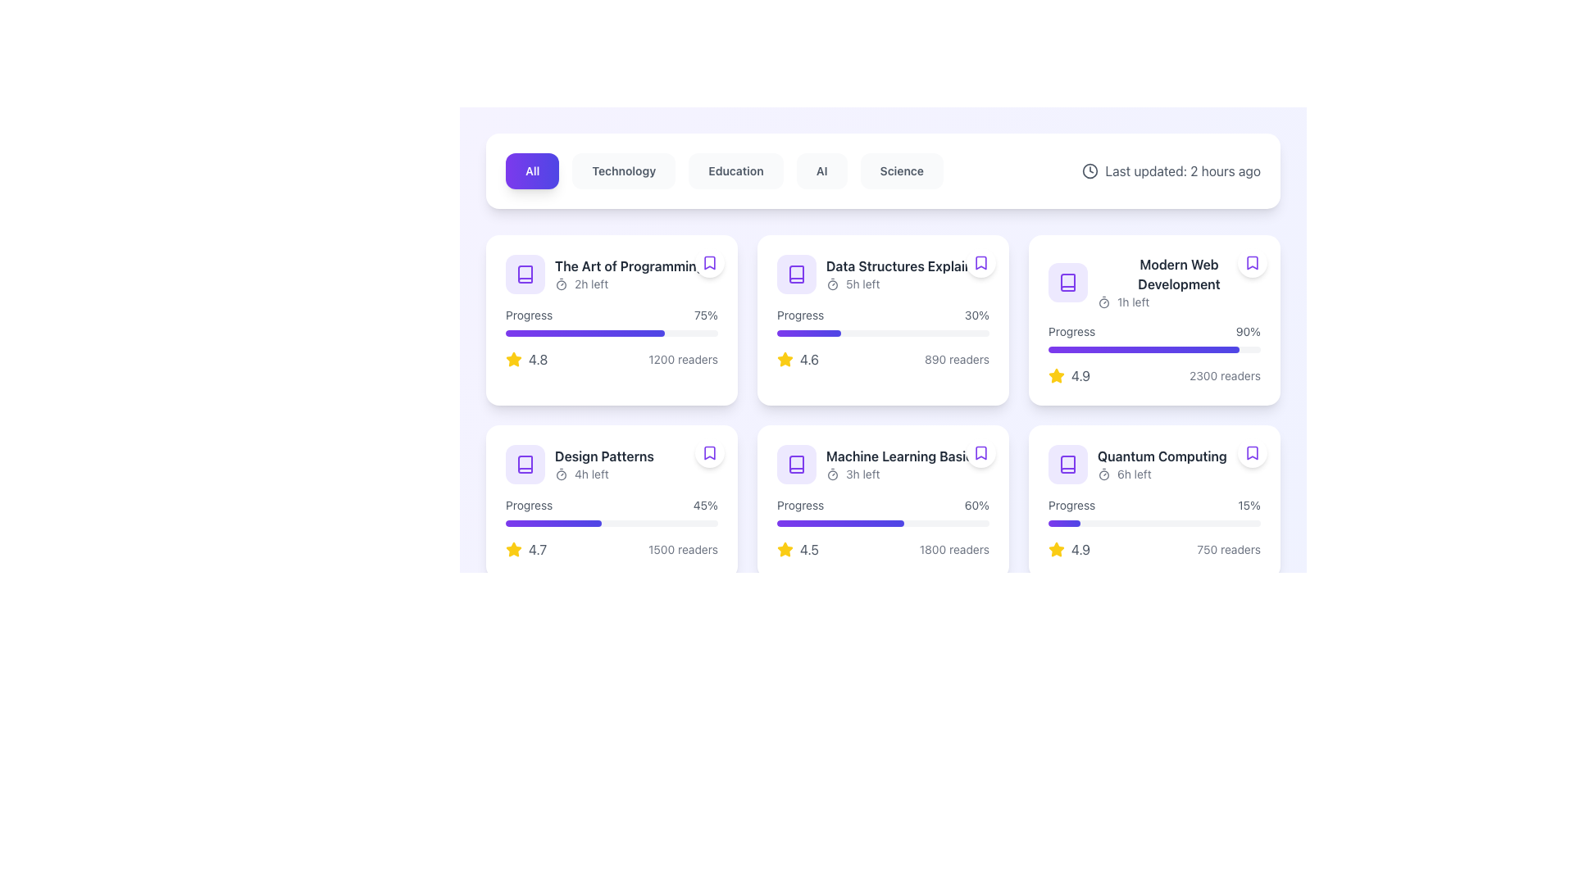 The height and width of the screenshot is (885, 1574). Describe the element at coordinates (882, 465) in the screenshot. I see `the Information Display Element that shows the title 'Machine Learning Basics' and the estimated time remaining '3h left'` at that location.